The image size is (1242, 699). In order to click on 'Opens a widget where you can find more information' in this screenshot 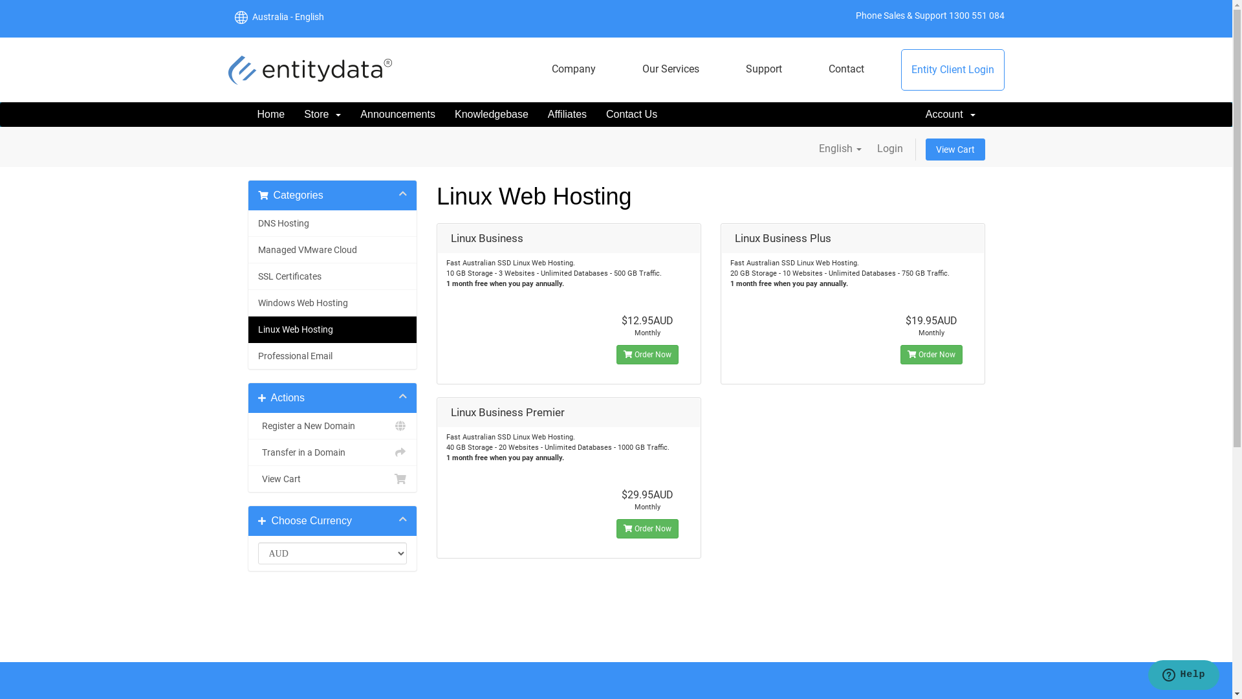, I will do `click(1183, 676)`.